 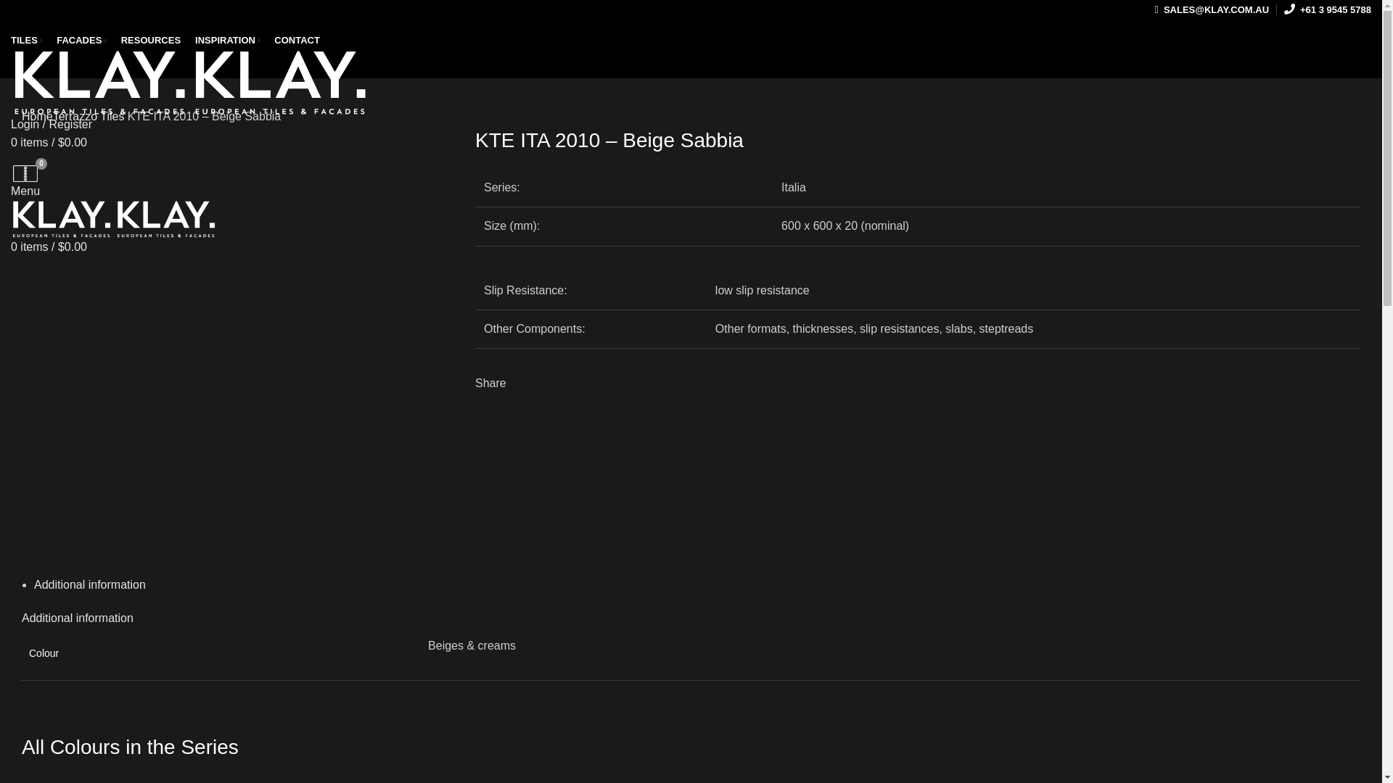 I want to click on 'RESOURCES', so click(x=113, y=40).